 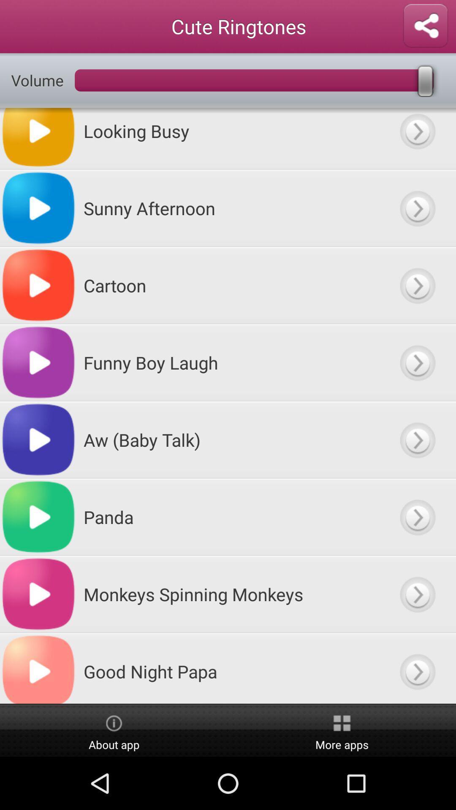 What do you see at coordinates (417, 439) in the screenshot?
I see `more option` at bounding box center [417, 439].